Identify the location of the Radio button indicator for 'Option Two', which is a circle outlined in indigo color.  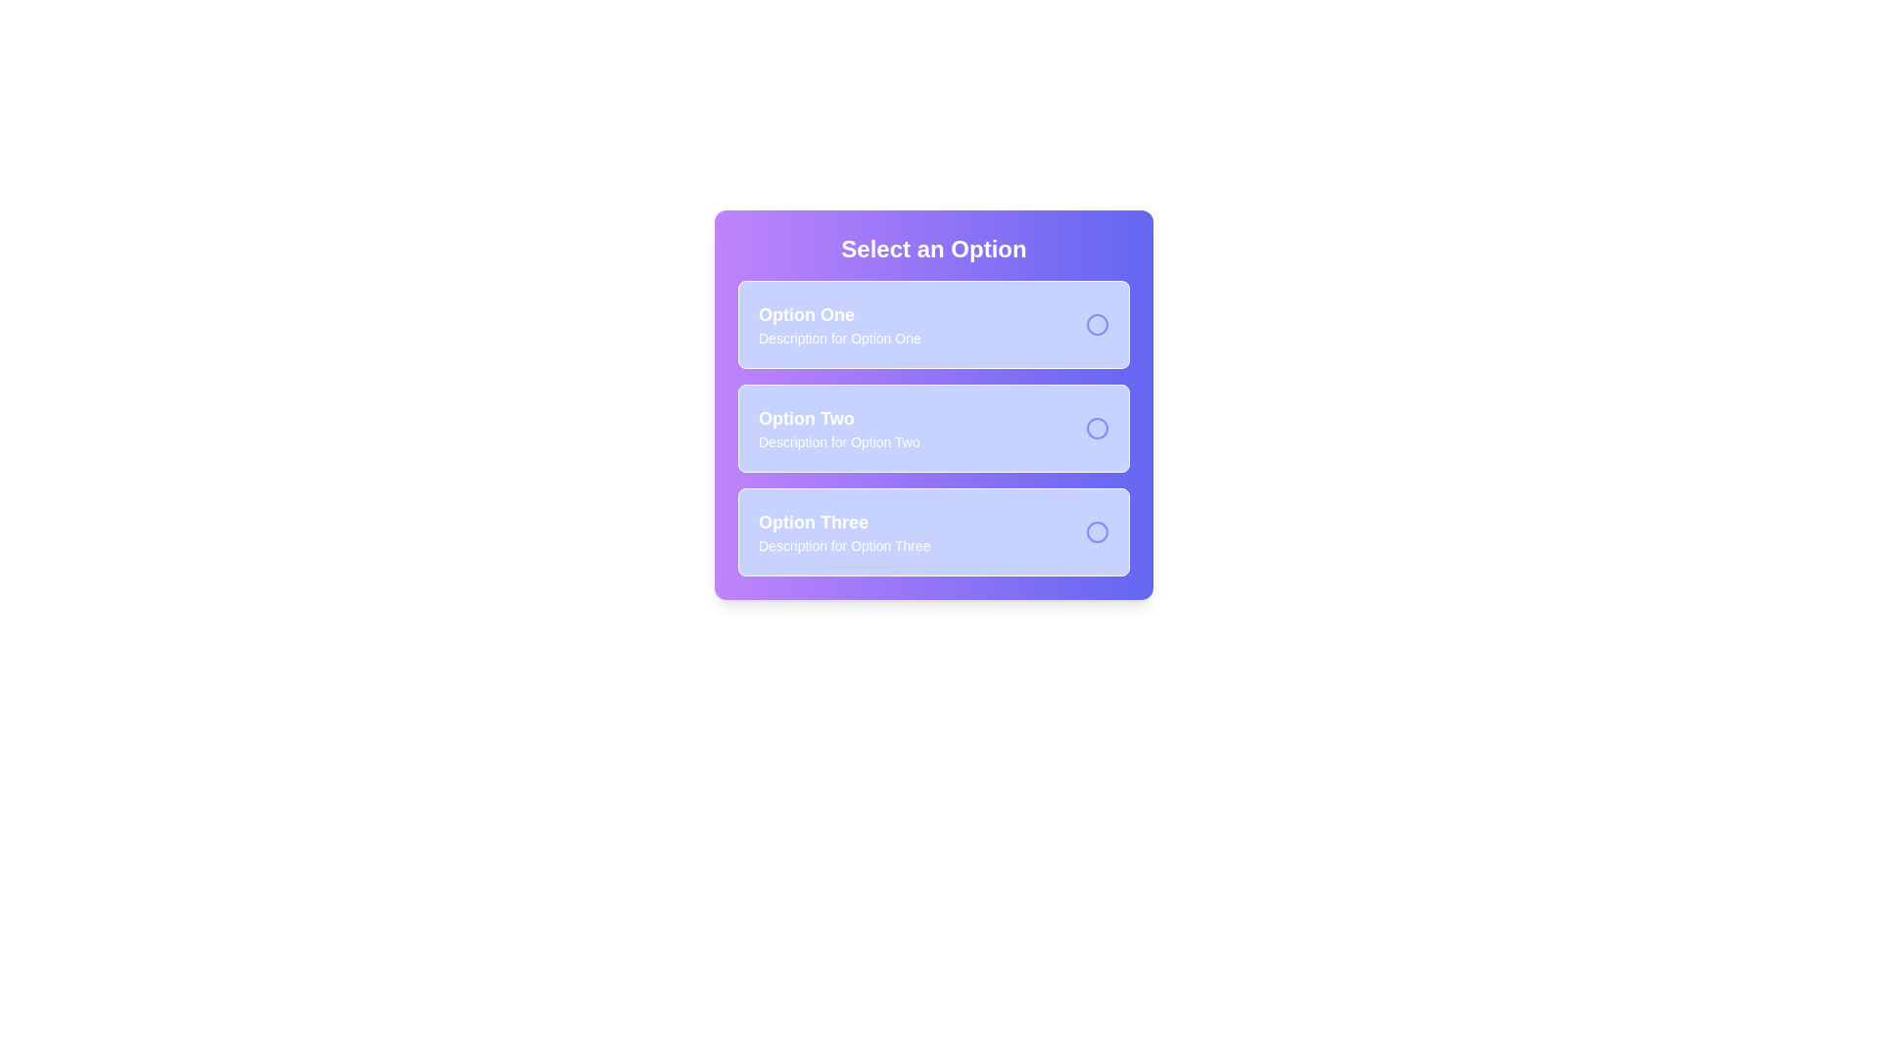
(1098, 428).